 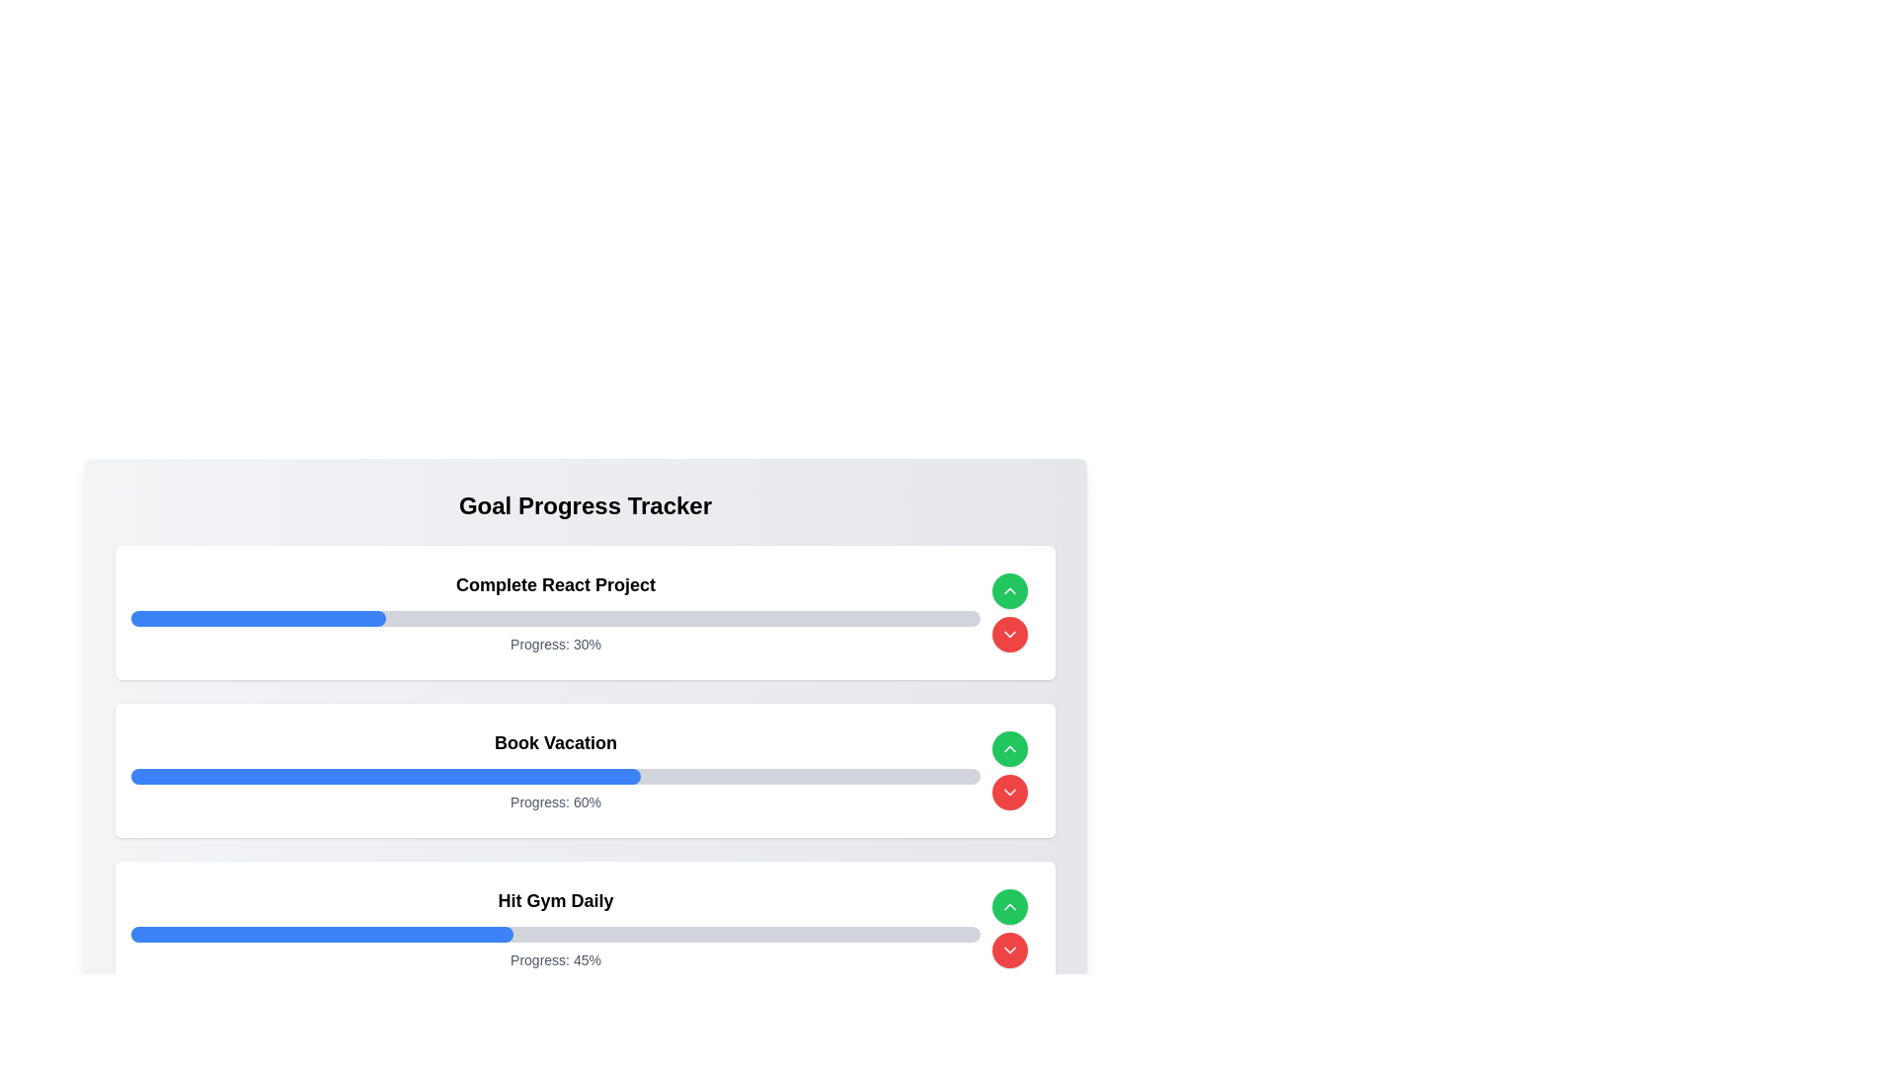 I want to click on the chevron-shaped icon pointing upwards, which is located within a circular green button at the top-right corner of the 'Book Vacation' task card, so click(x=1009, y=749).